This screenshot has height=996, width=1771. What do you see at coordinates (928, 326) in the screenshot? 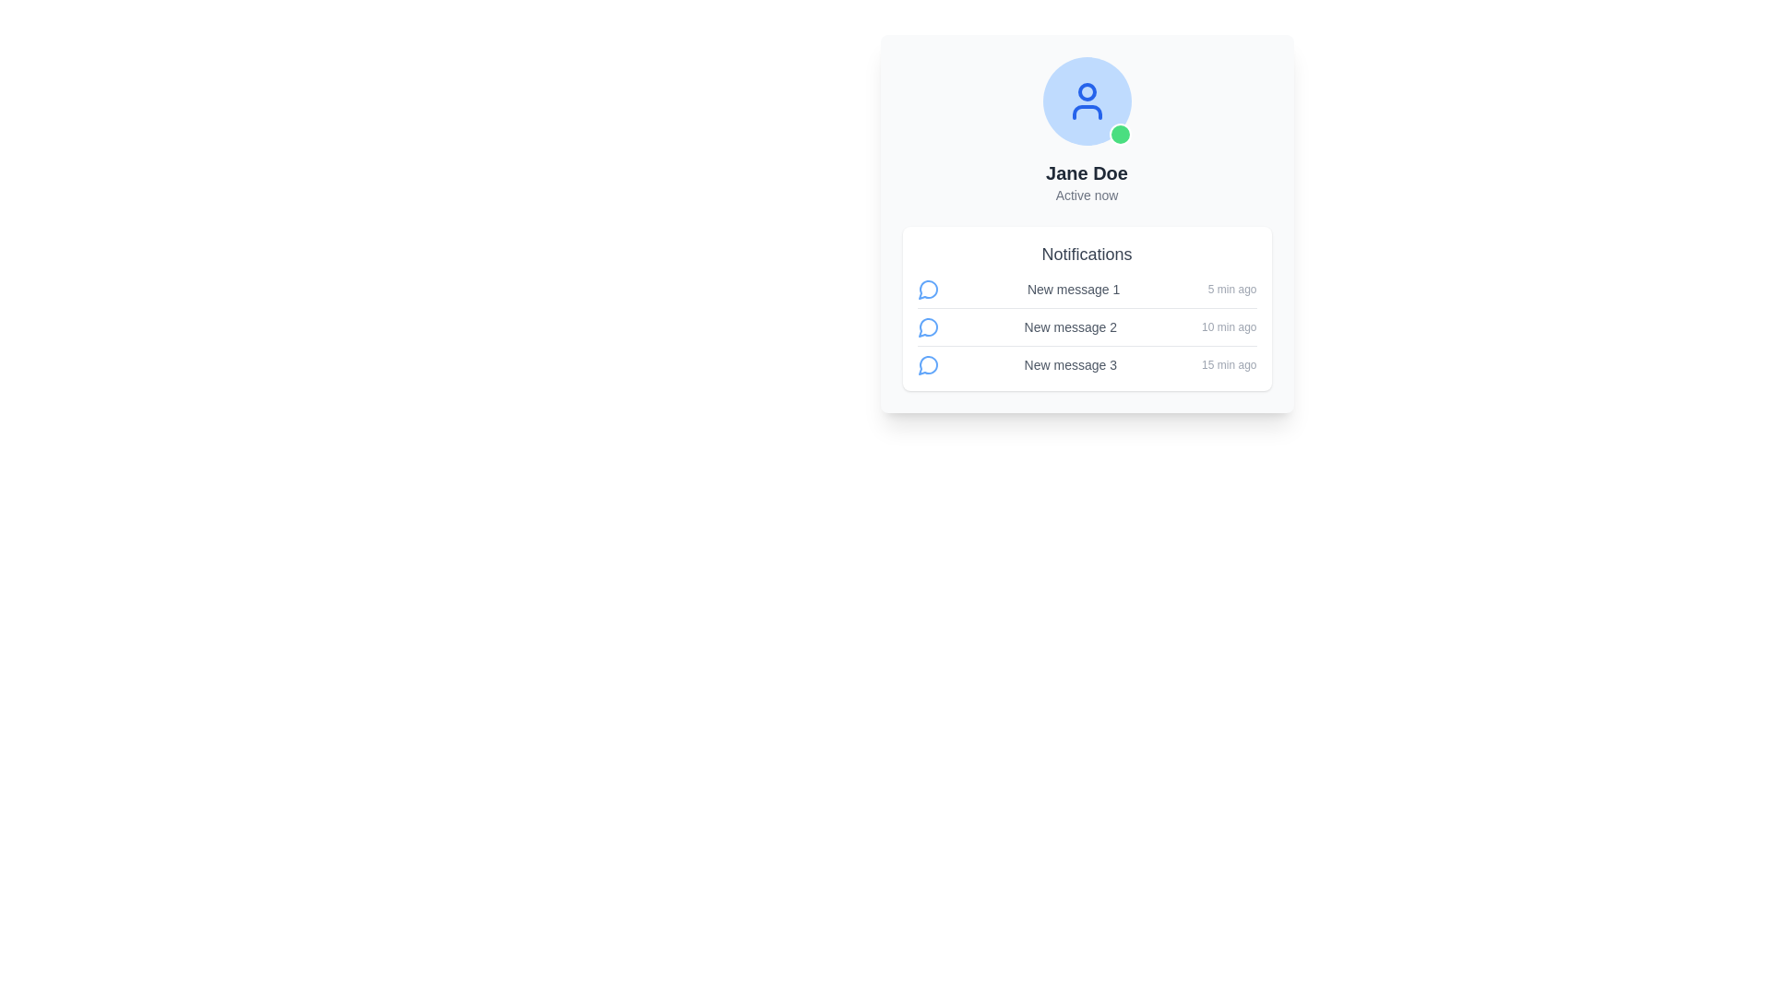
I see `the blue message bubble icon located under the 'Notifications' section` at bounding box center [928, 326].